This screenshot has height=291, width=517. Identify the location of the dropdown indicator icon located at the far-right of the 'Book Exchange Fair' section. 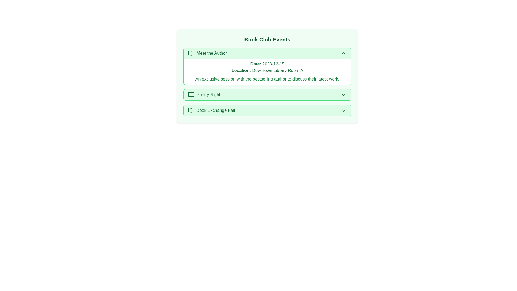
(343, 110).